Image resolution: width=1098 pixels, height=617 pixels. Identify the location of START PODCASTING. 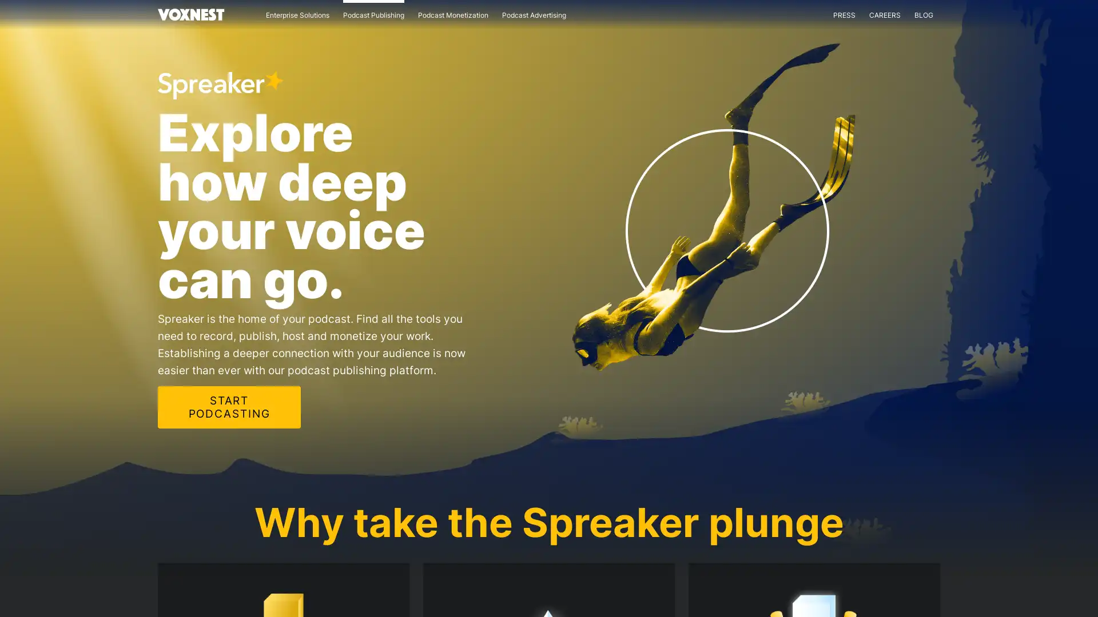
(257, 407).